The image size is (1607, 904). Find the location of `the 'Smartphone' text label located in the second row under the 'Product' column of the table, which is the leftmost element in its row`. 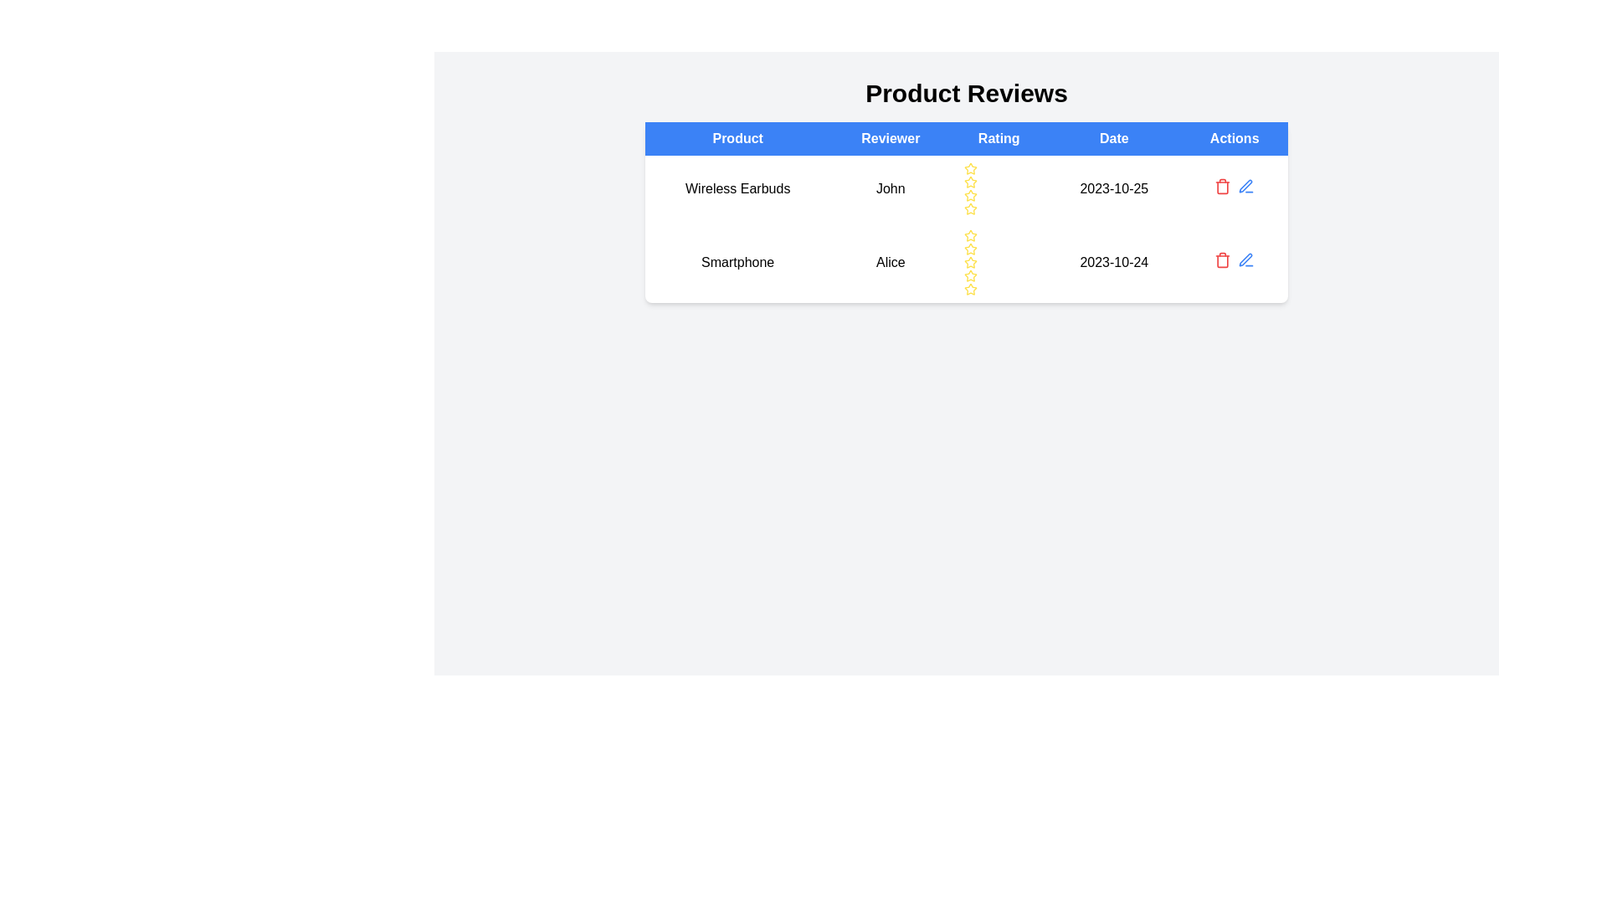

the 'Smartphone' text label located in the second row under the 'Product' column of the table, which is the leftmost element in its row is located at coordinates (737, 262).